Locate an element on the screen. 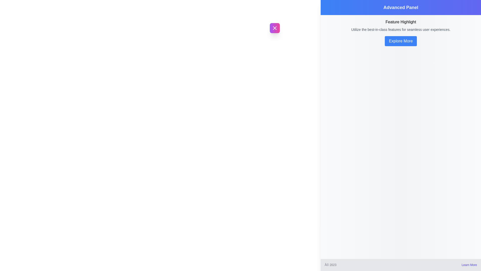 Image resolution: width=481 pixels, height=271 pixels. the hyperlink text 'Learn More' located at the bottom-right corner of the interface is located at coordinates (469, 265).